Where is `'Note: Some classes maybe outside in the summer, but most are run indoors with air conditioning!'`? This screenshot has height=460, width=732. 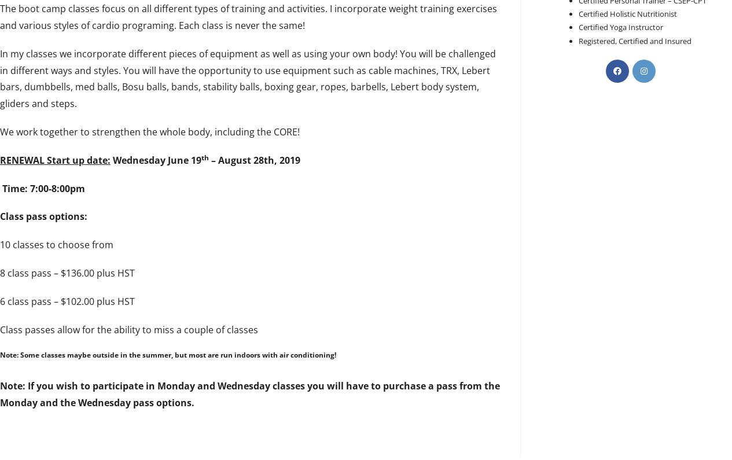
'Note: Some classes maybe outside in the summer, but most are run indoors with air conditioning!' is located at coordinates (0, 354).